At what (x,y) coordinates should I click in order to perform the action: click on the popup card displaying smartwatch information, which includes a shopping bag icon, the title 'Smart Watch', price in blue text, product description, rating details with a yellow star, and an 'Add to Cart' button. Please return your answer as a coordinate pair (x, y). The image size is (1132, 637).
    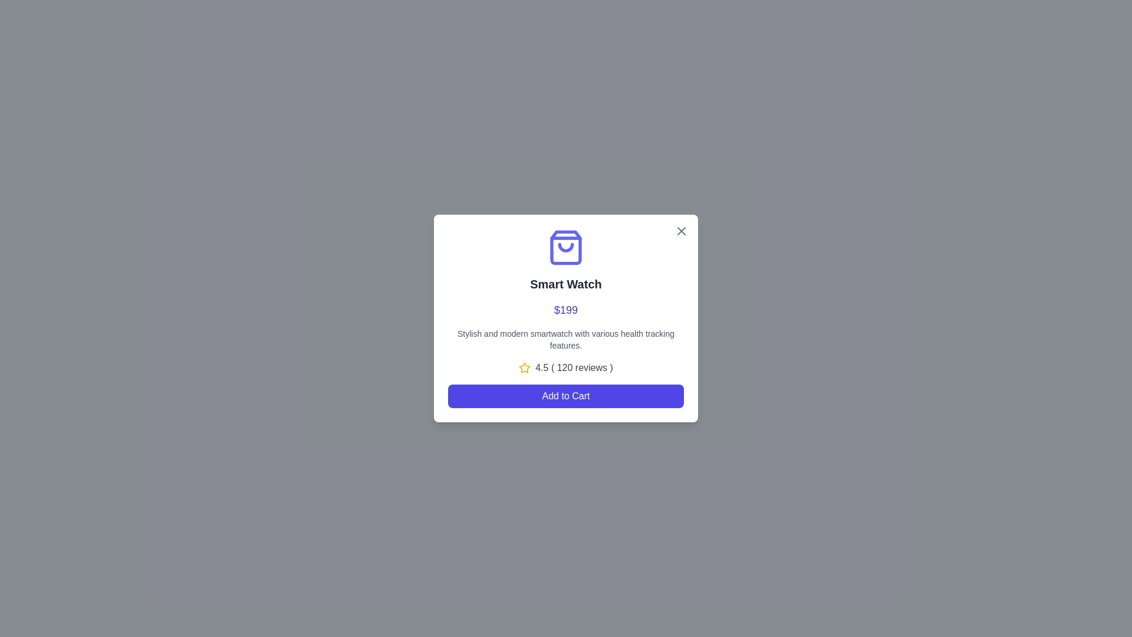
    Looking at the image, I should click on (566, 318).